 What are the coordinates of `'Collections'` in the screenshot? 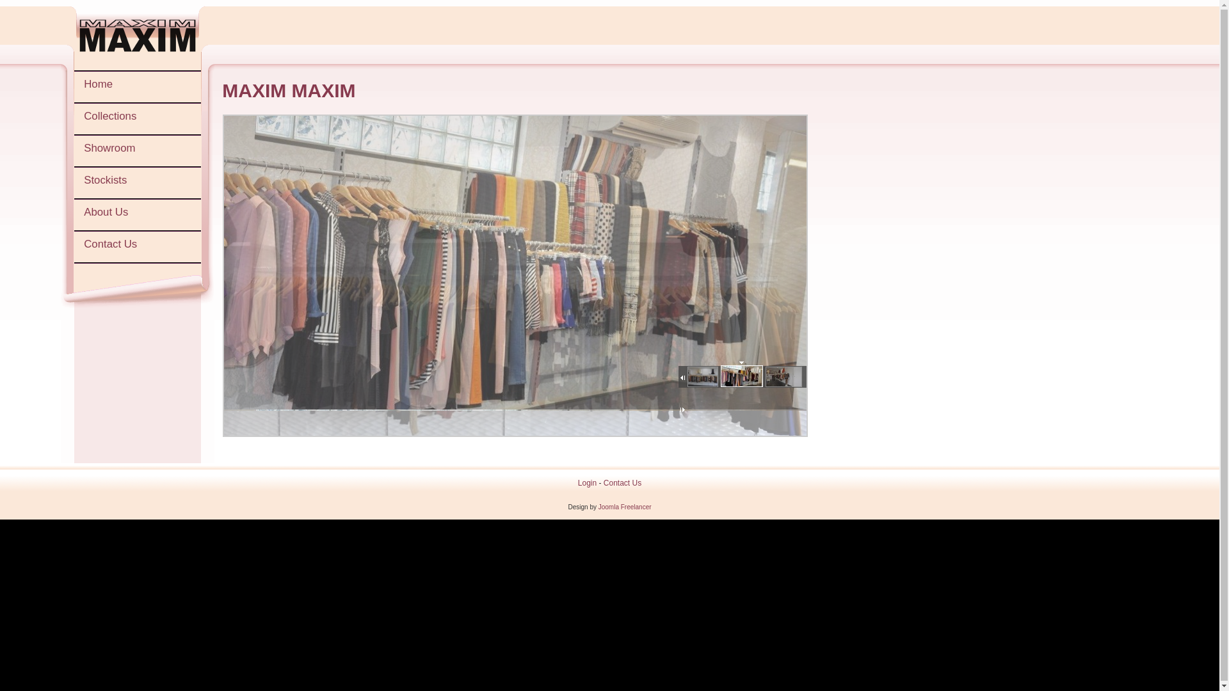 It's located at (138, 119).